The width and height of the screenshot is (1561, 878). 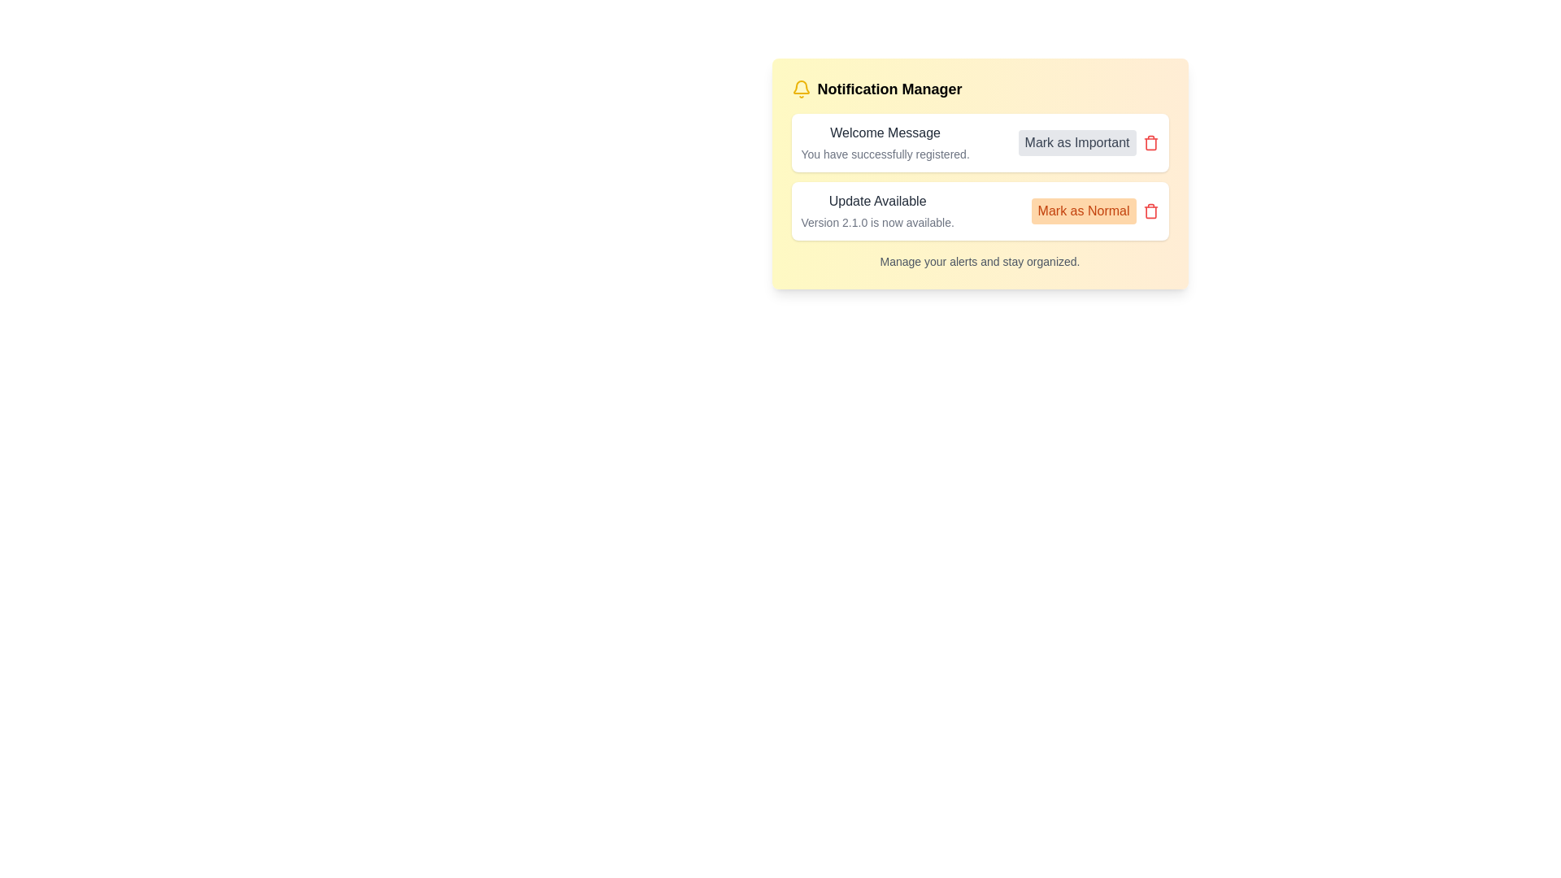 I want to click on the first notification card in the vertically stacked list, so click(x=979, y=142).